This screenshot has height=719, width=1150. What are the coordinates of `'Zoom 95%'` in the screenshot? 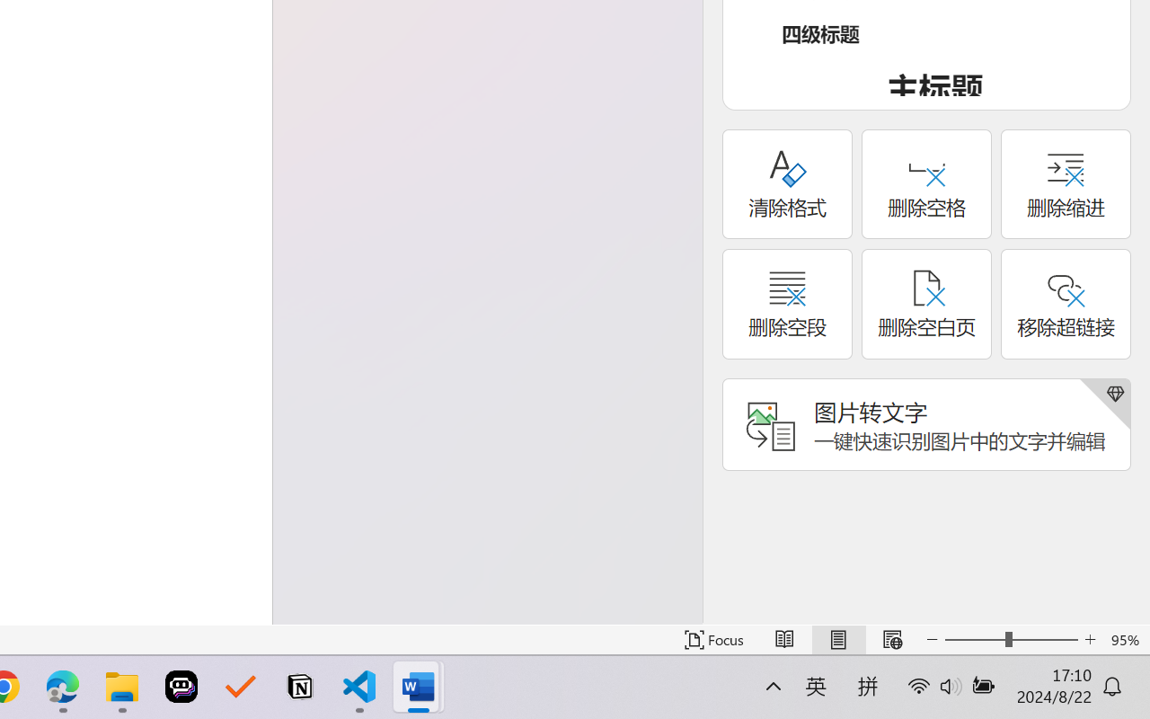 It's located at (1125, 639).